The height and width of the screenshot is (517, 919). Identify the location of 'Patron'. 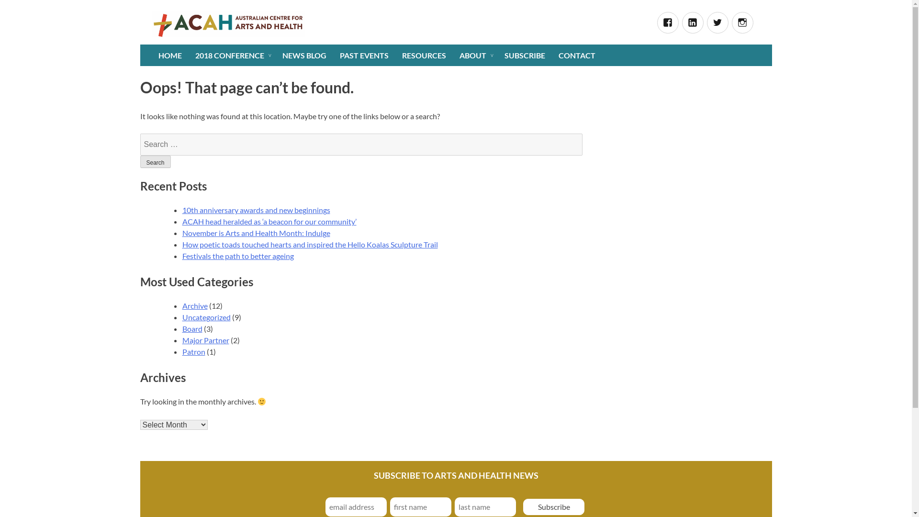
(192, 351).